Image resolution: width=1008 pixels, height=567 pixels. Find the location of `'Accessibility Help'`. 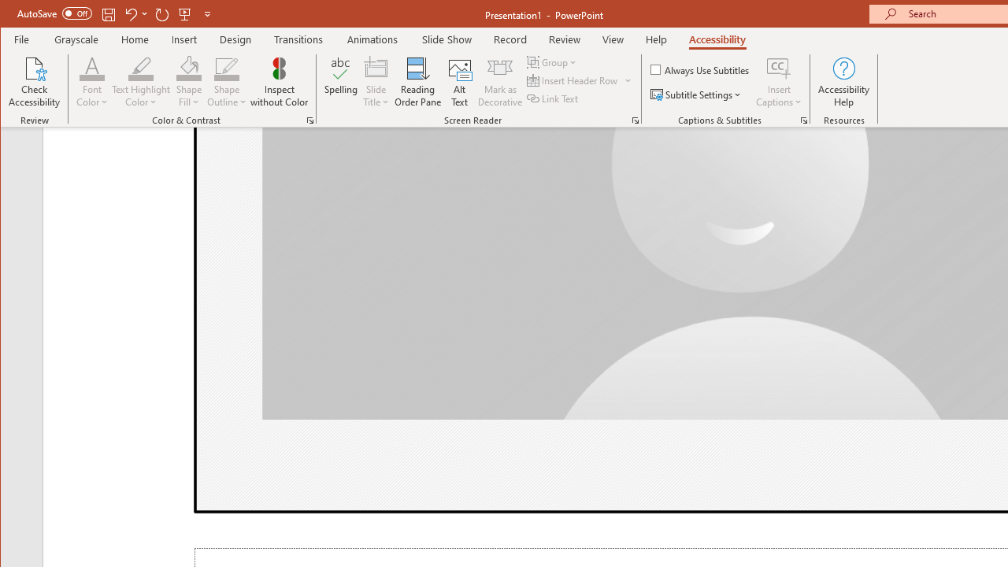

'Accessibility Help' is located at coordinates (843, 82).